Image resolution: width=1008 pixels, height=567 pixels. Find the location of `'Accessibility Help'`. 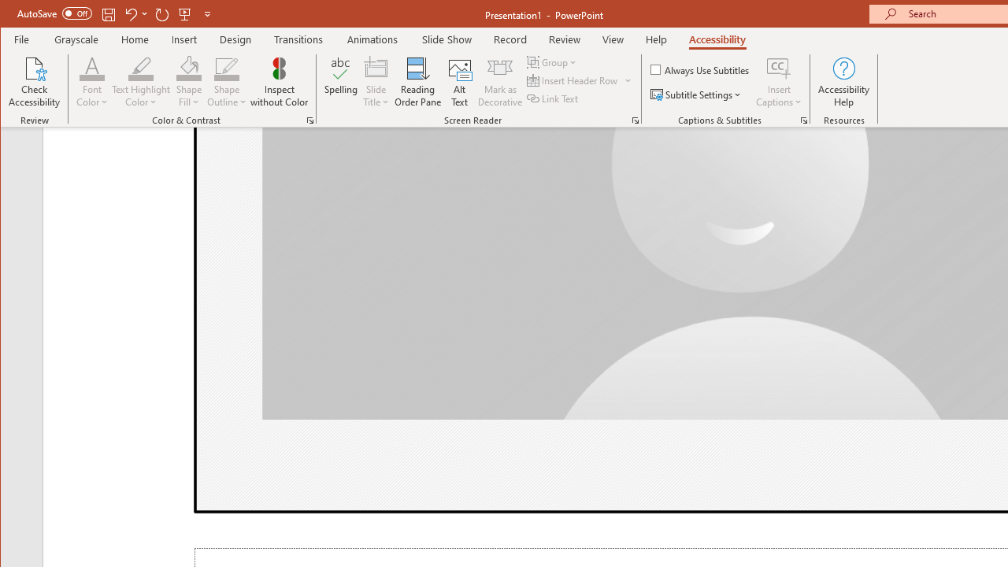

'Accessibility Help' is located at coordinates (843, 82).